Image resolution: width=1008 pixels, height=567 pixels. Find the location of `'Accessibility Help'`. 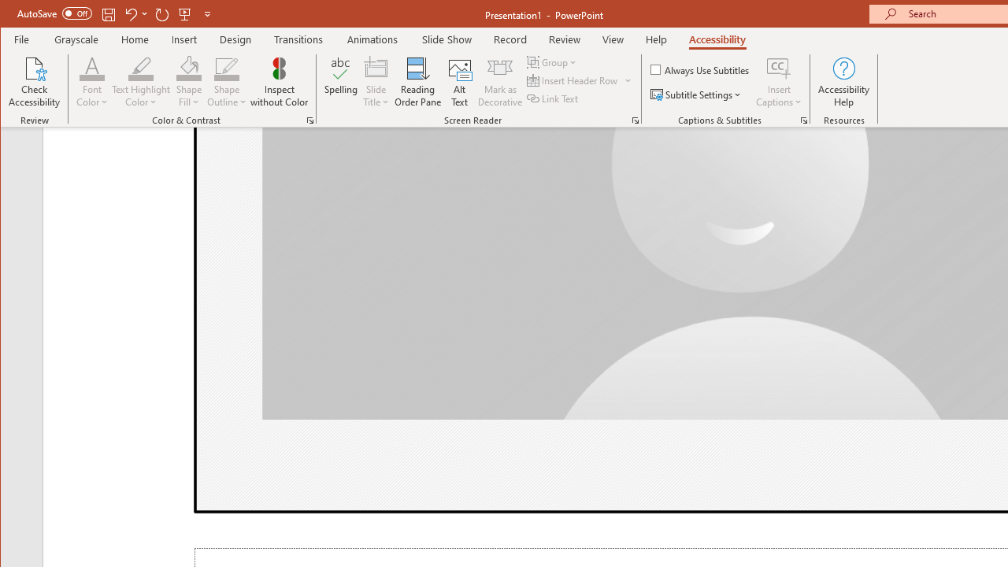

'Accessibility Help' is located at coordinates (843, 82).